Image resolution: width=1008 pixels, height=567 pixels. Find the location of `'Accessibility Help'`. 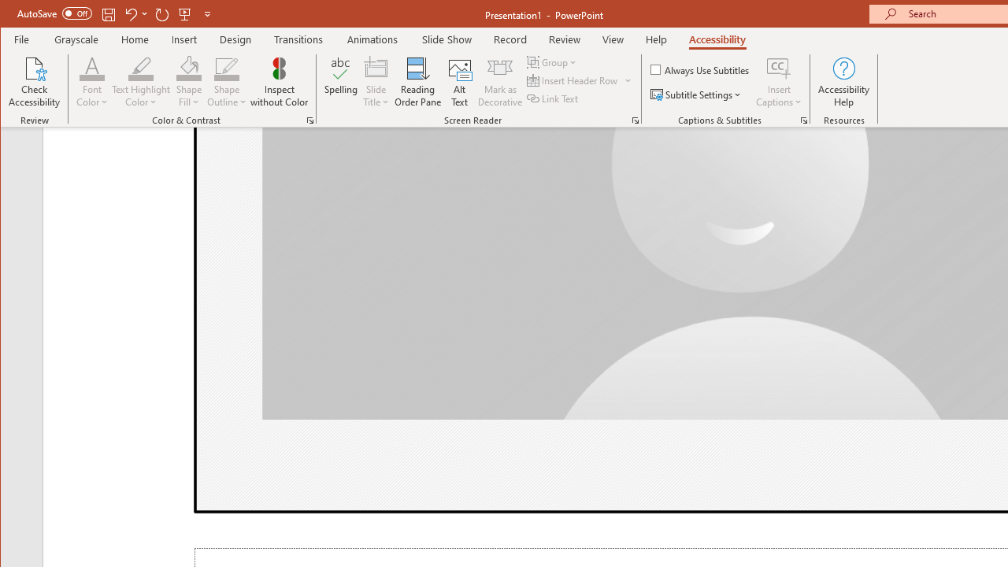

'Accessibility Help' is located at coordinates (843, 82).